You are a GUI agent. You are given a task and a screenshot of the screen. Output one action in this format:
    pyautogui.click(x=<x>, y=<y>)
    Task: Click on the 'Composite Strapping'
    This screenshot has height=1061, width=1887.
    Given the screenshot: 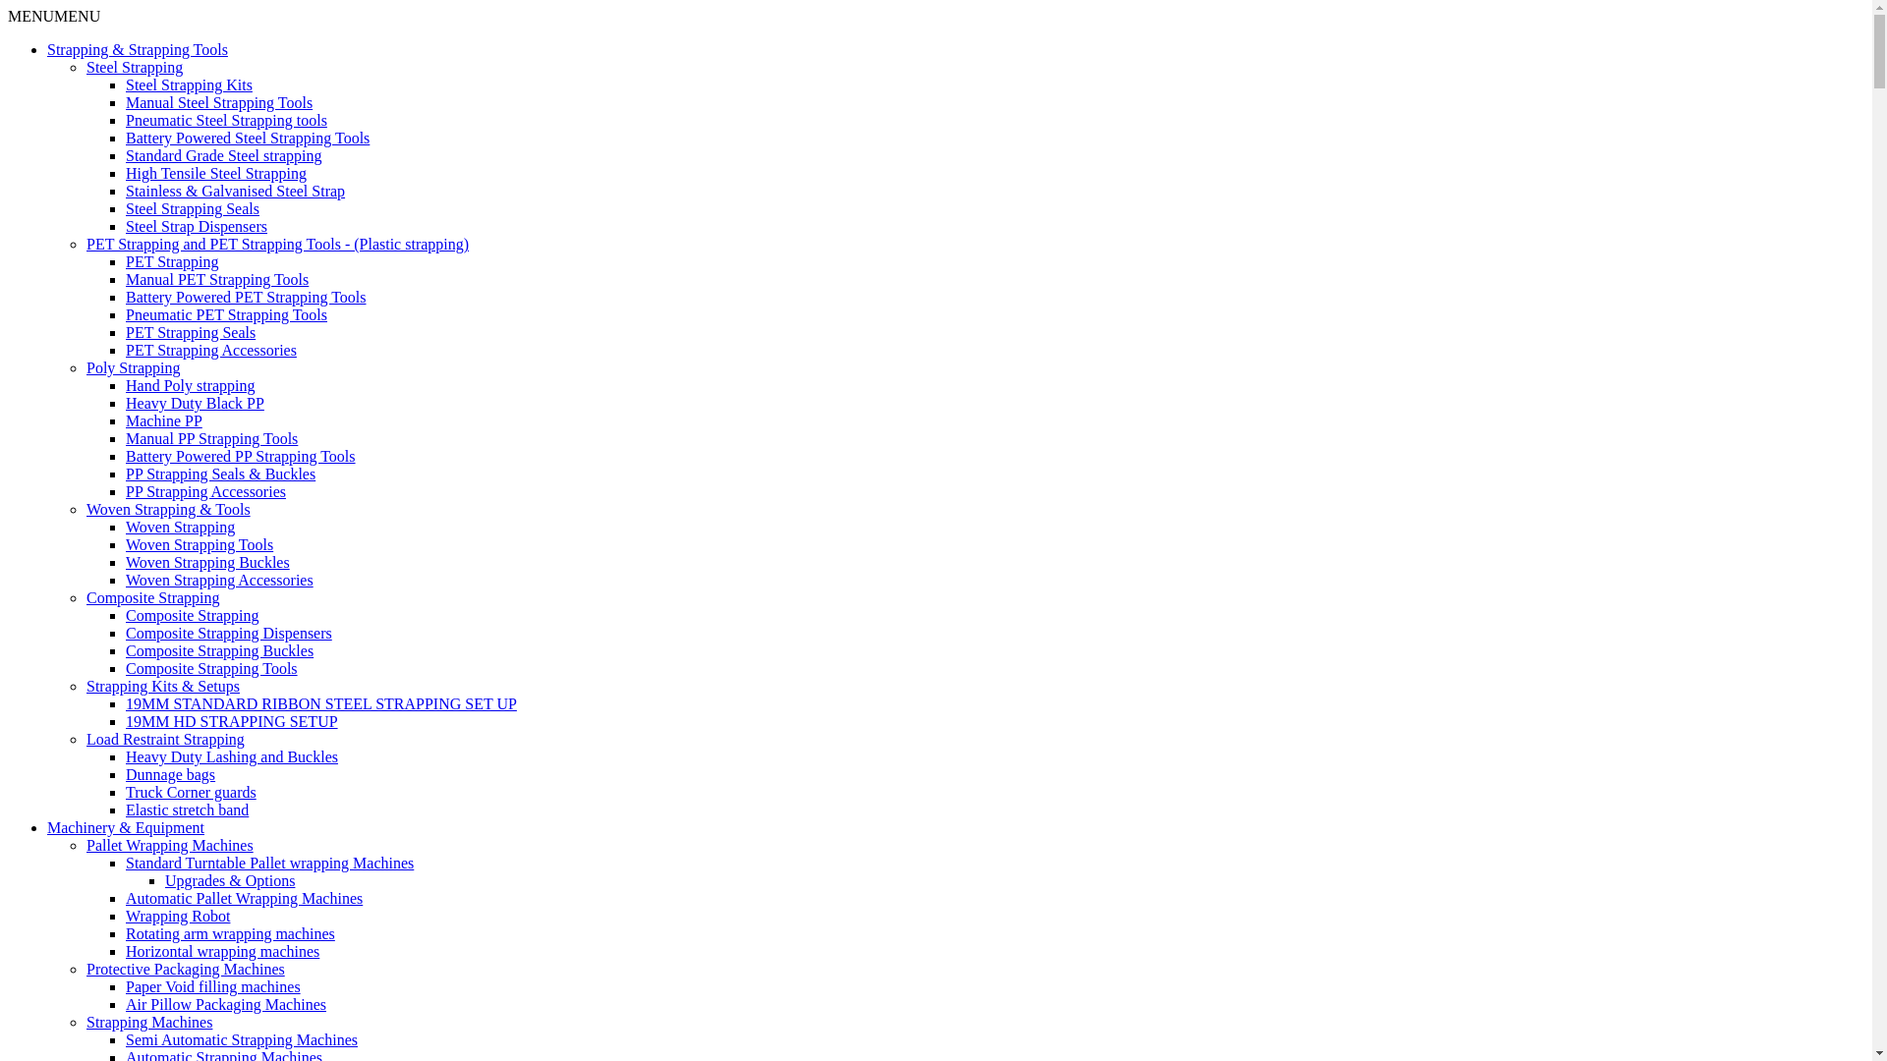 What is the action you would take?
    pyautogui.click(x=193, y=614)
    